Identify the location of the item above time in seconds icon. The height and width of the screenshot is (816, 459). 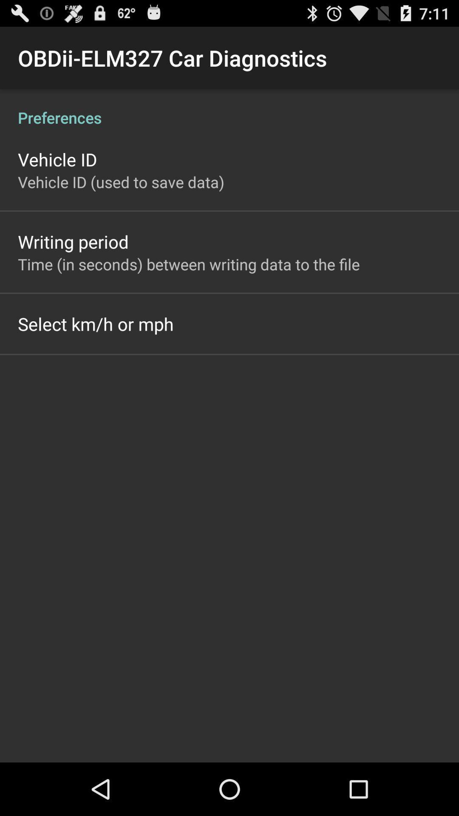
(73, 241).